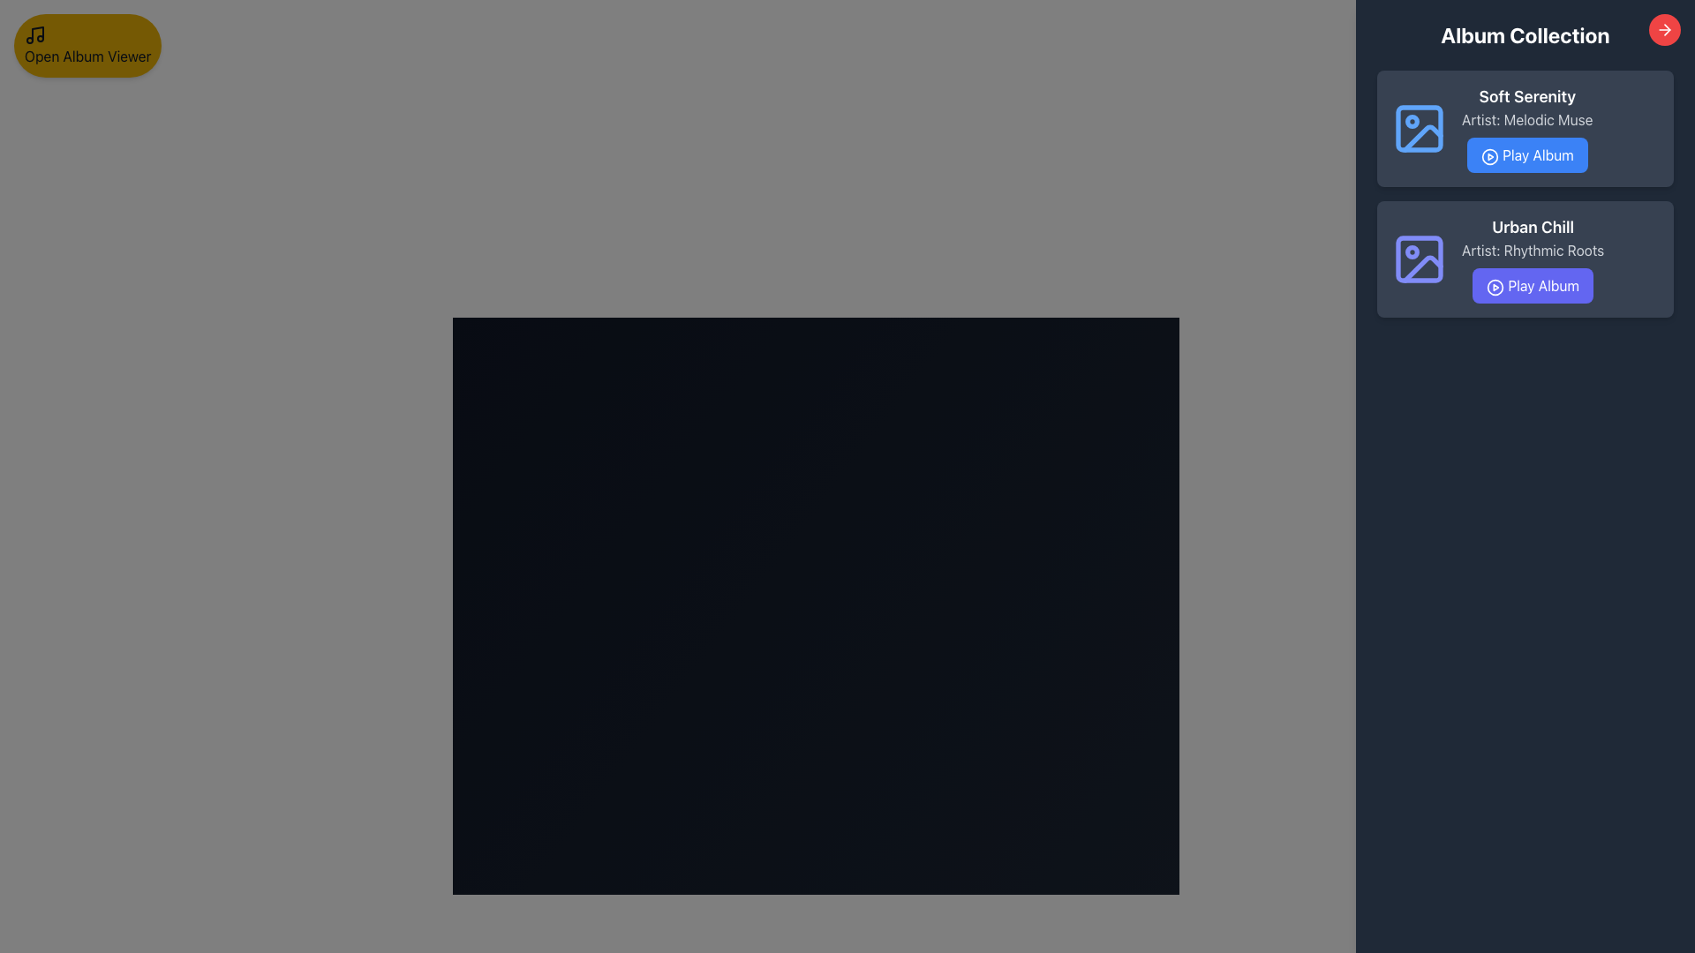 Image resolution: width=1695 pixels, height=953 pixels. Describe the element at coordinates (1532, 251) in the screenshot. I see `the Text Label displaying the artist associated with the album 'Urban Chill', located in the second album card on the right pane, positioned below the 'Urban Chill' title and above the 'Play Album' button` at that location.